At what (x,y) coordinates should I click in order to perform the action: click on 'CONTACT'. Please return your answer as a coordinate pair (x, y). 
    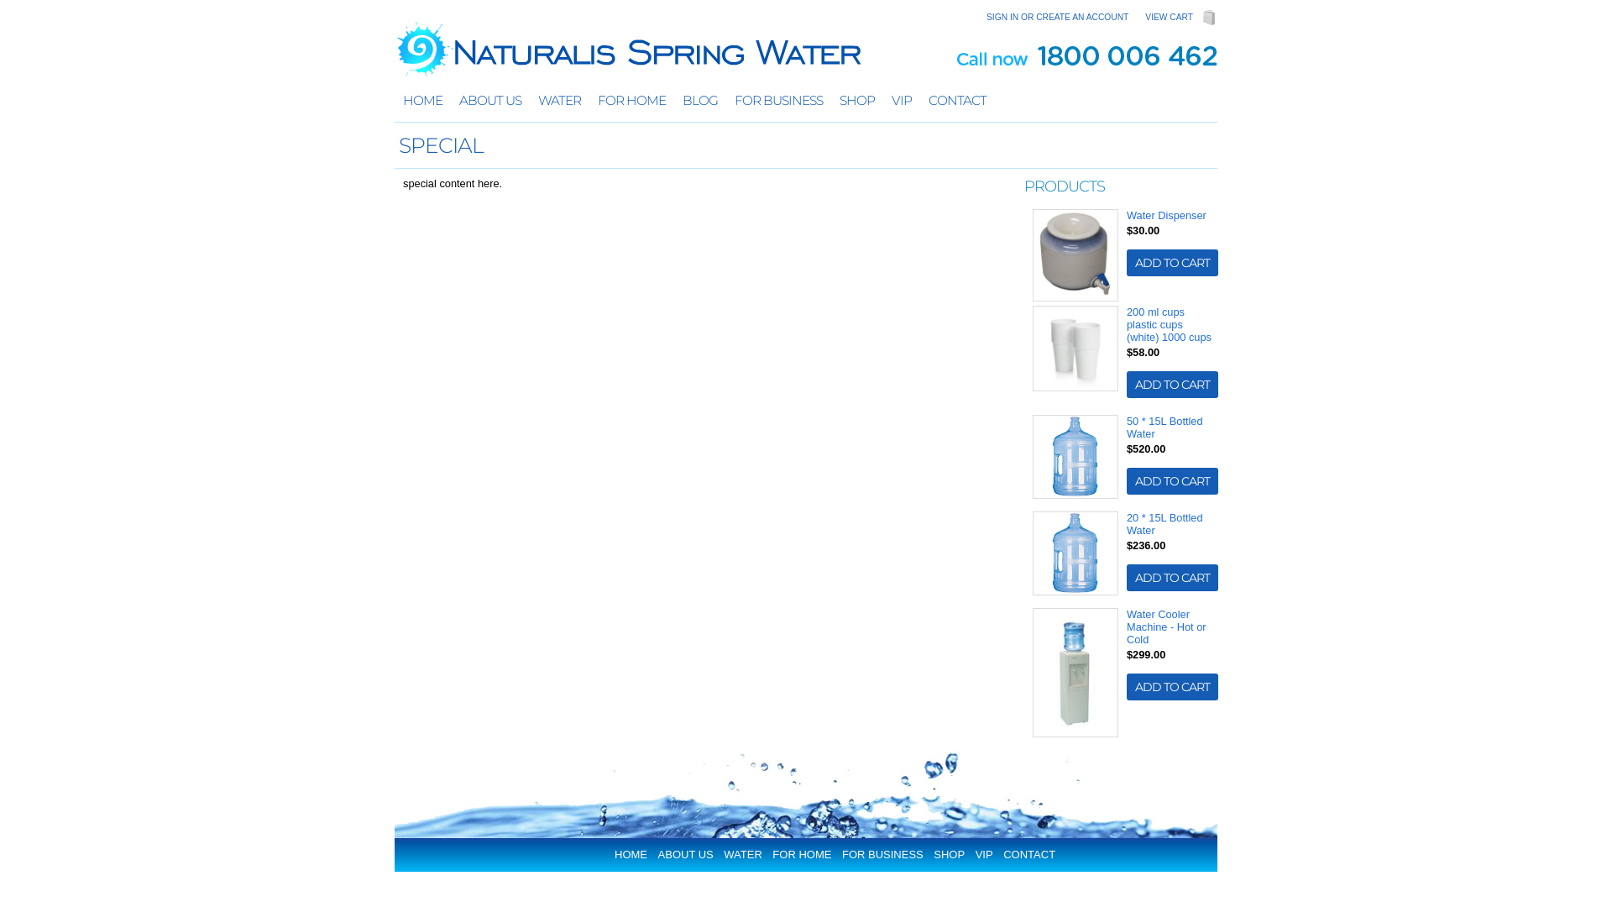
    Looking at the image, I should click on (957, 100).